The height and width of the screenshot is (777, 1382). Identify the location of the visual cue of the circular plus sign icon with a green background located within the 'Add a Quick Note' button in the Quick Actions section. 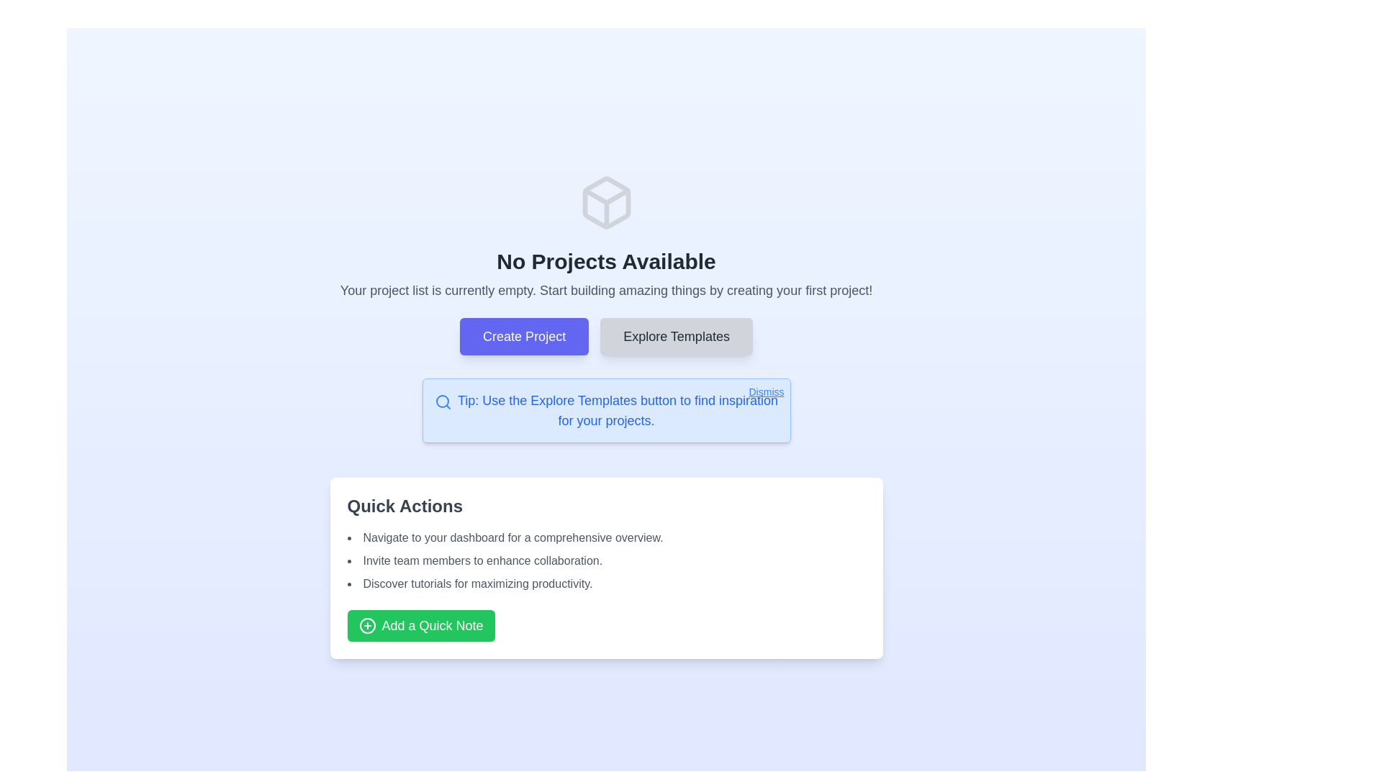
(367, 625).